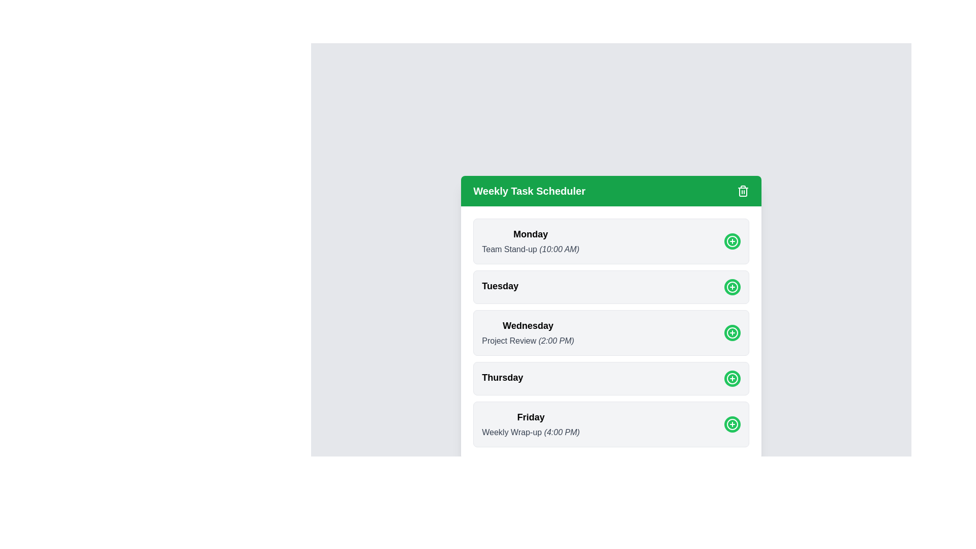 The height and width of the screenshot is (549, 976). I want to click on the section corresponding to Wednesday to observe the shadow effect, so click(611, 333).